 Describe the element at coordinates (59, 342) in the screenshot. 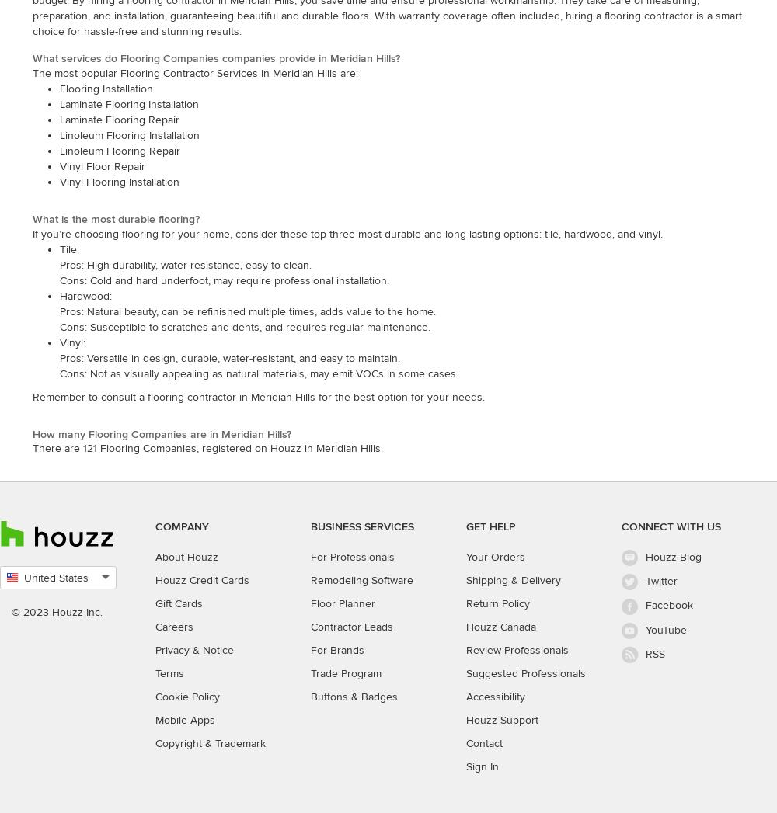

I see `'Vinyl:'` at that location.